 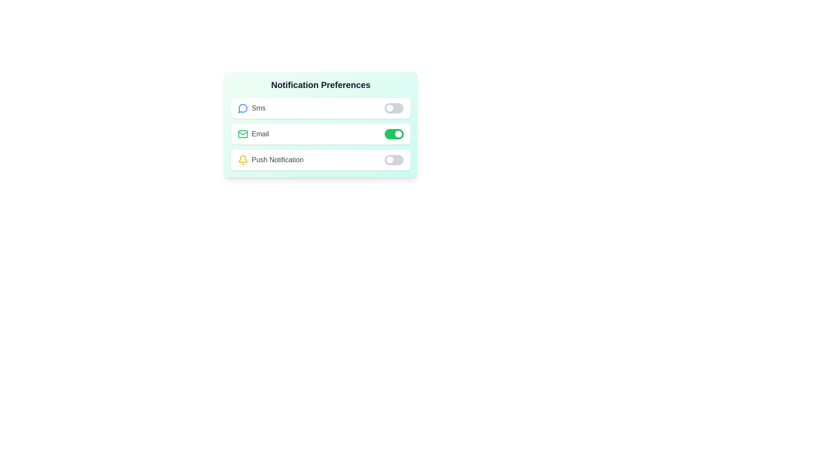 What do you see at coordinates (320, 134) in the screenshot?
I see `the toggle switch for enabling or disabling email notifications located in the Notification Preferences section` at bounding box center [320, 134].